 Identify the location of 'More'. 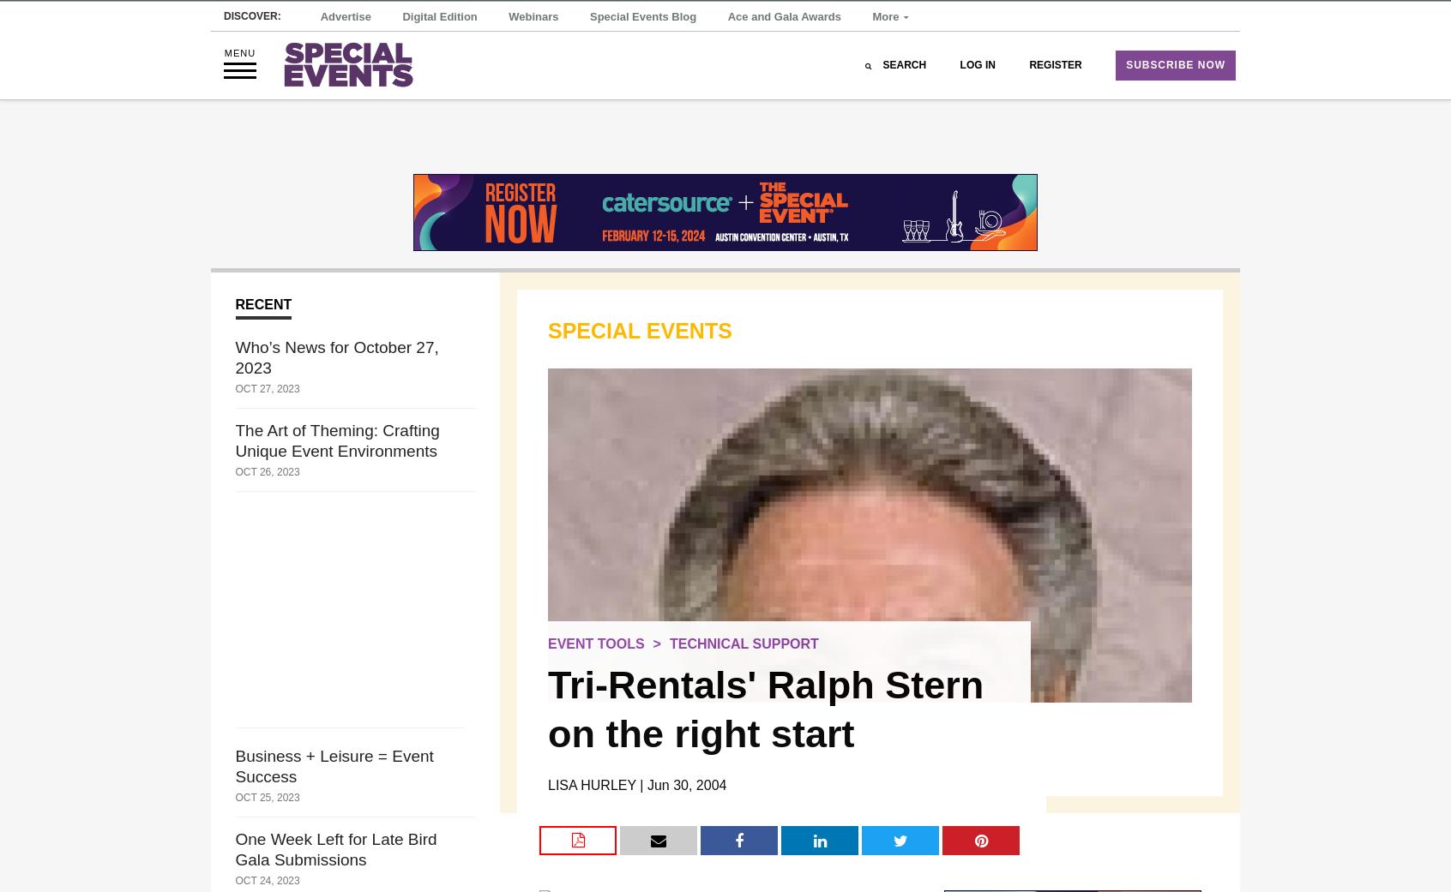
(871, 45).